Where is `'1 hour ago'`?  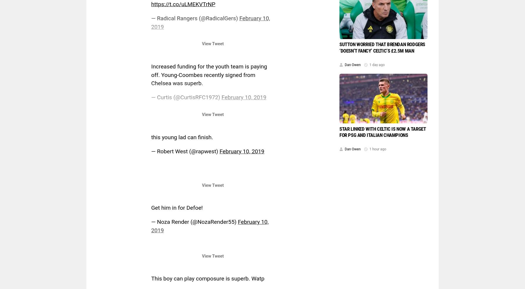
'1 hour ago' is located at coordinates (377, 149).